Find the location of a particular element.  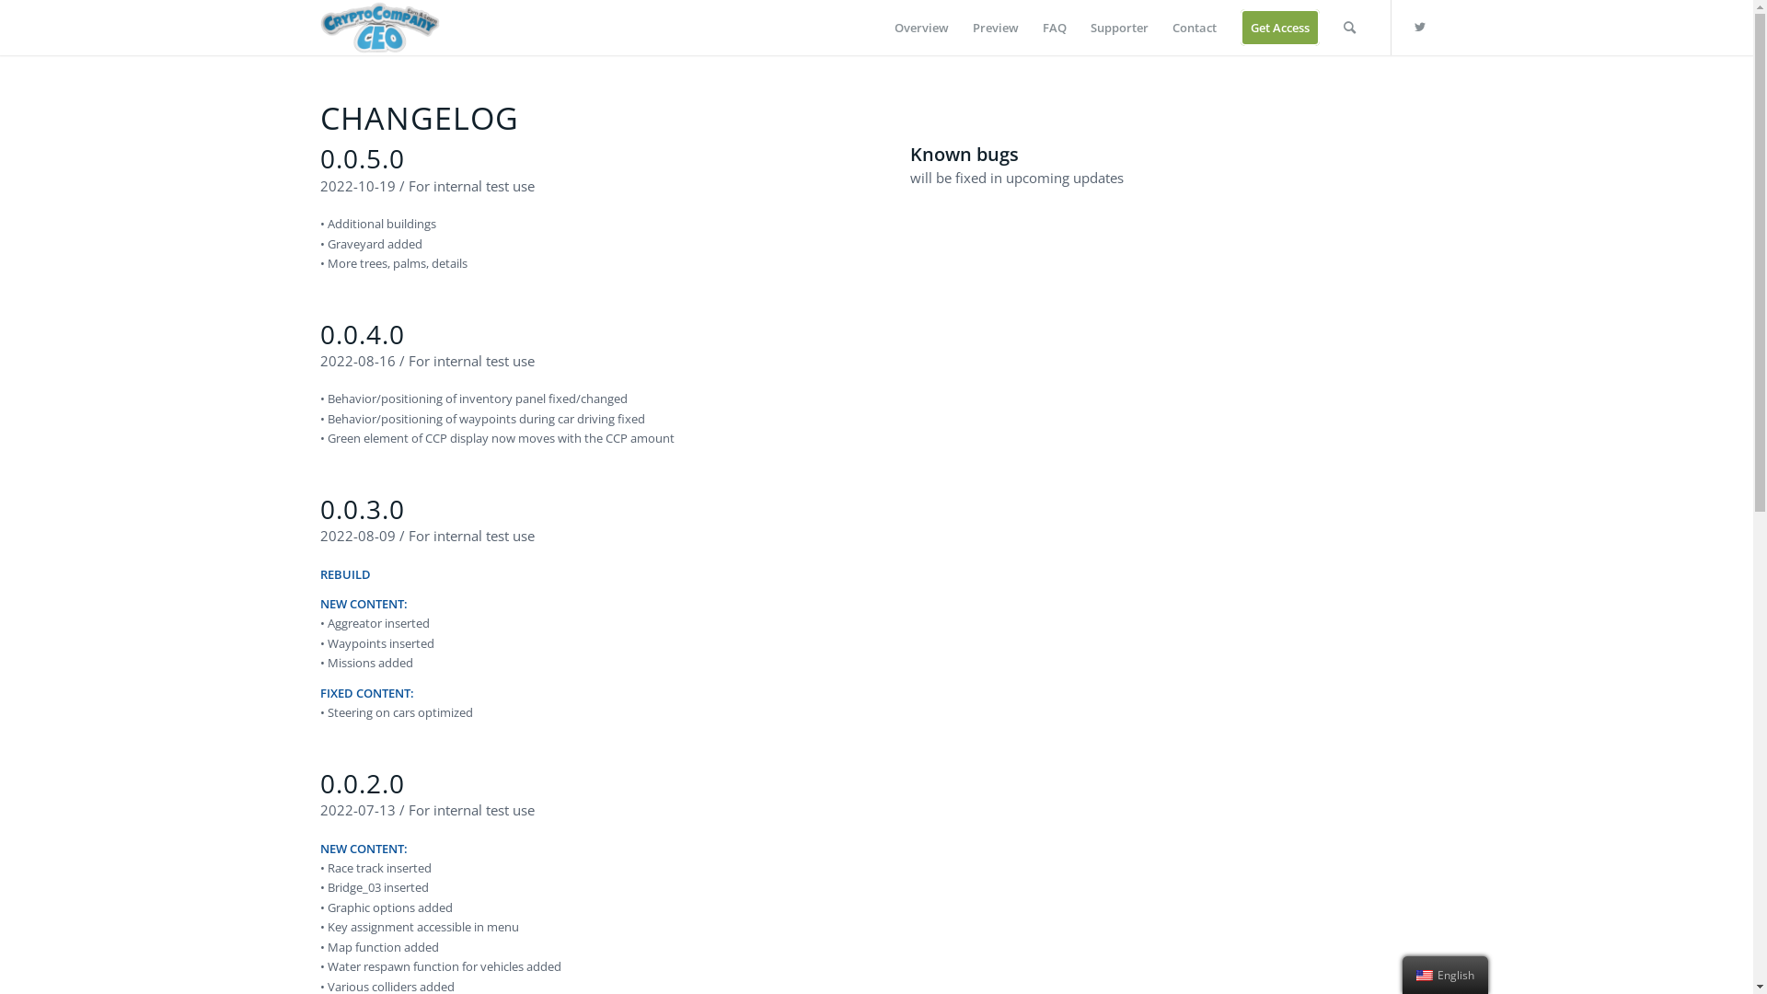

'Supporter' is located at coordinates (1118, 28).